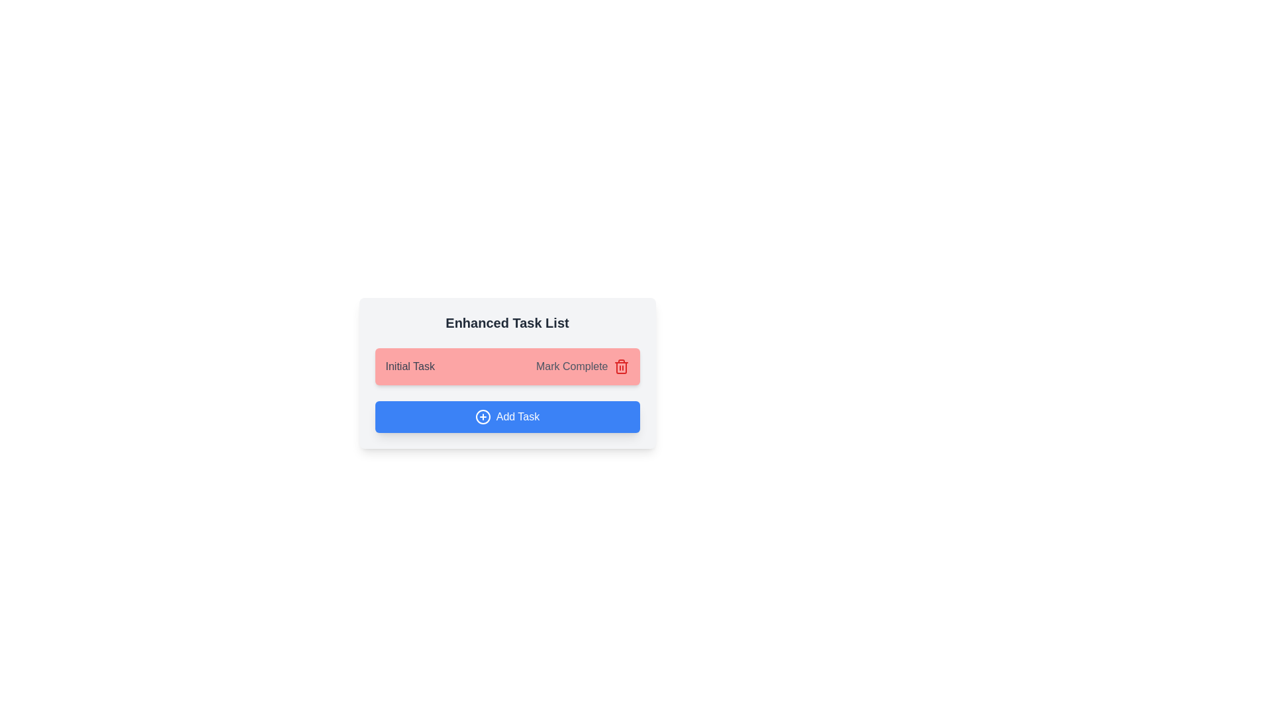  I want to click on the trash icon to delete the task, so click(620, 367).